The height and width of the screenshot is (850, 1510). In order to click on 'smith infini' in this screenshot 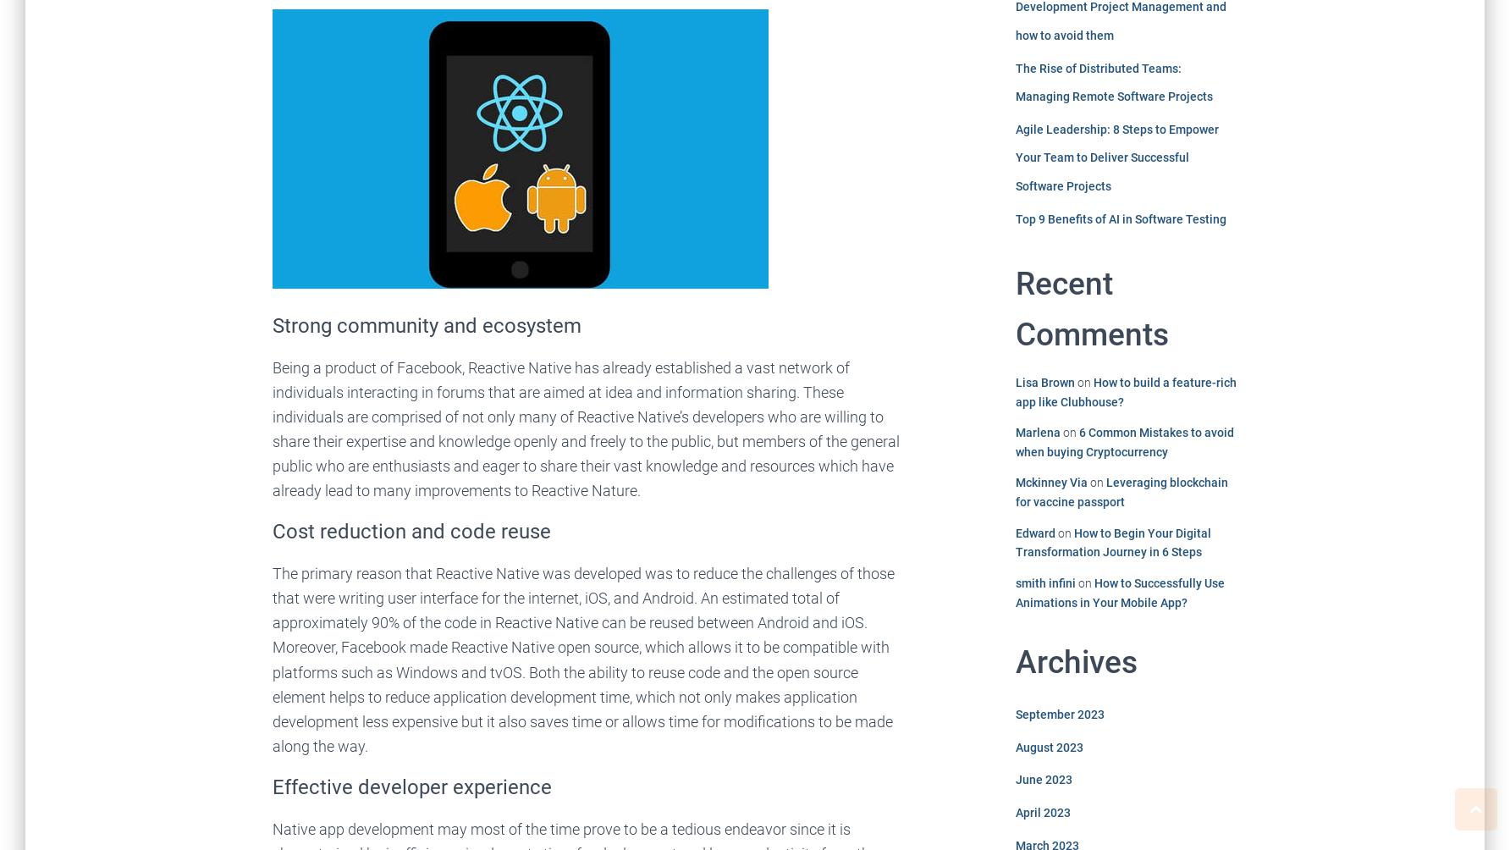, I will do `click(1044, 582)`.